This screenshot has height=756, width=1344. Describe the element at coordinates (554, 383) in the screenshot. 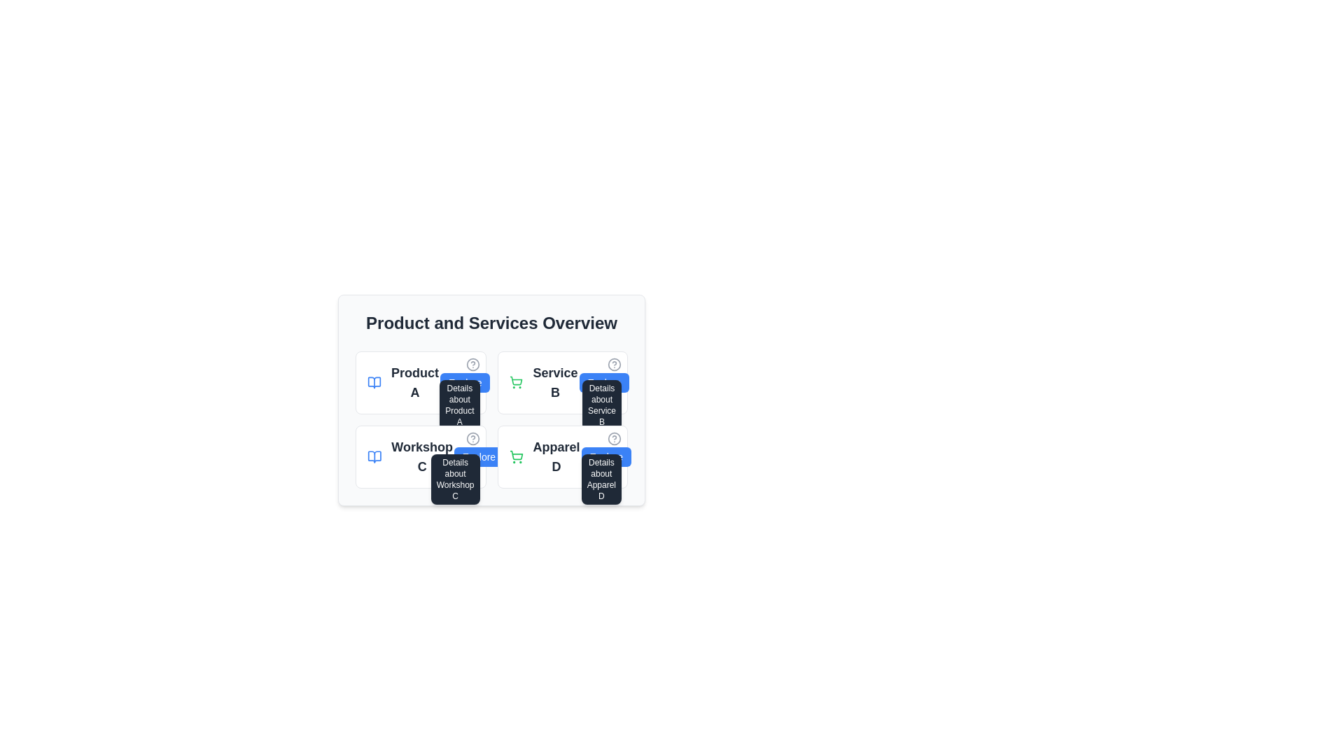

I see `the label element displaying 'Service B', which is styled with a large, bold font and dark gray color, located in the top row of the grid layout, second column` at that location.